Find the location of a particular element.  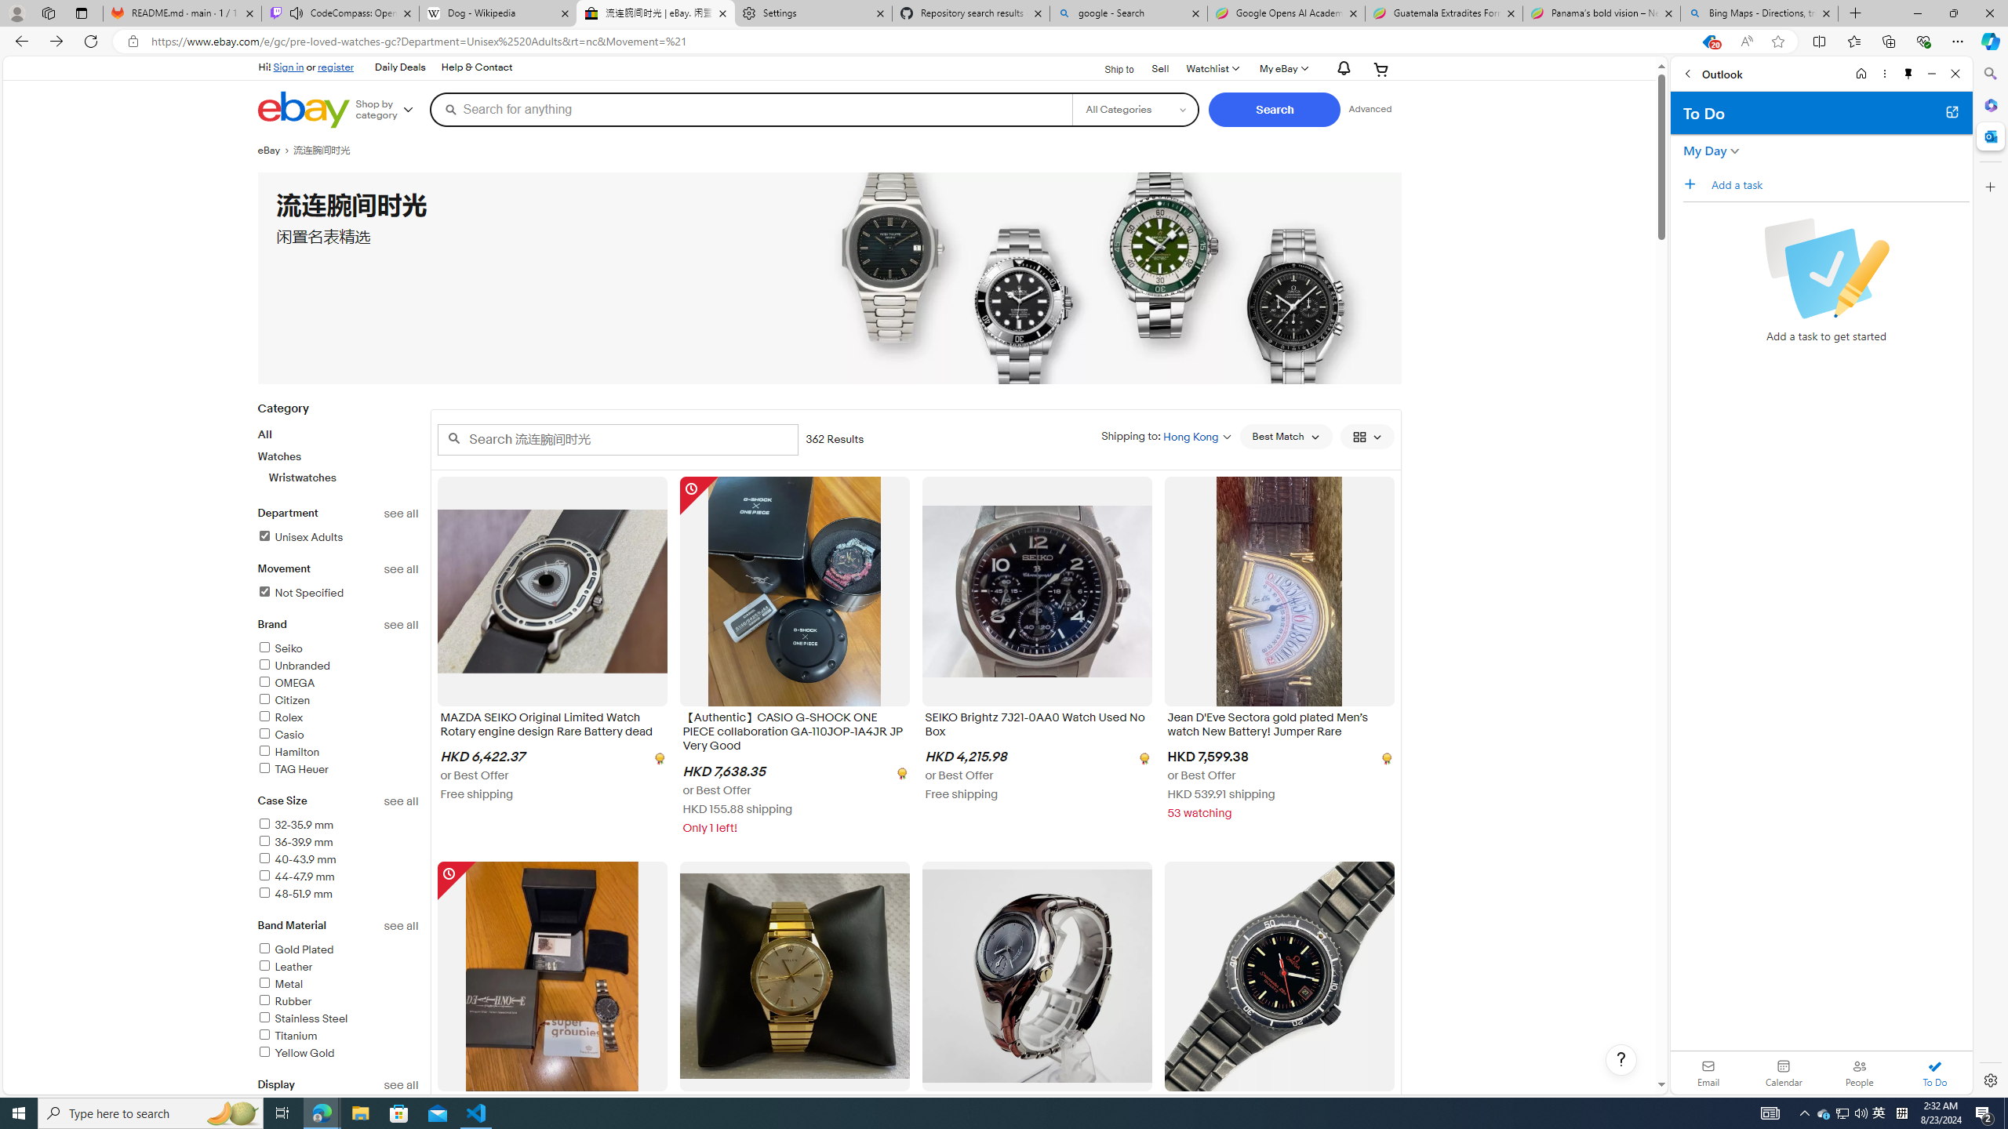

'Seiko' is located at coordinates (338, 648).